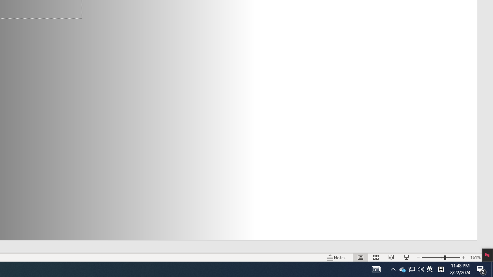 The width and height of the screenshot is (493, 277). Describe the element at coordinates (360, 257) in the screenshot. I see `'Normal'` at that location.